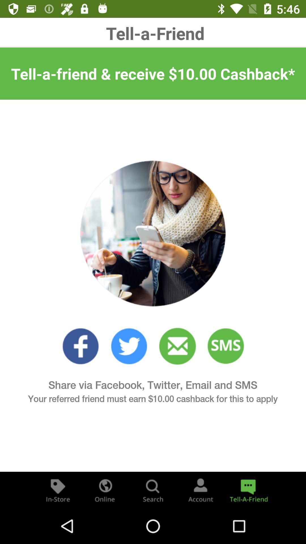  Describe the element at coordinates (105, 490) in the screenshot. I see `the globe icon` at that location.